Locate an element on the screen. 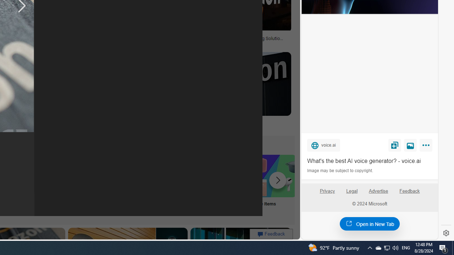 The height and width of the screenshot is (255, 454). 'Save' is located at coordinates (394, 144).